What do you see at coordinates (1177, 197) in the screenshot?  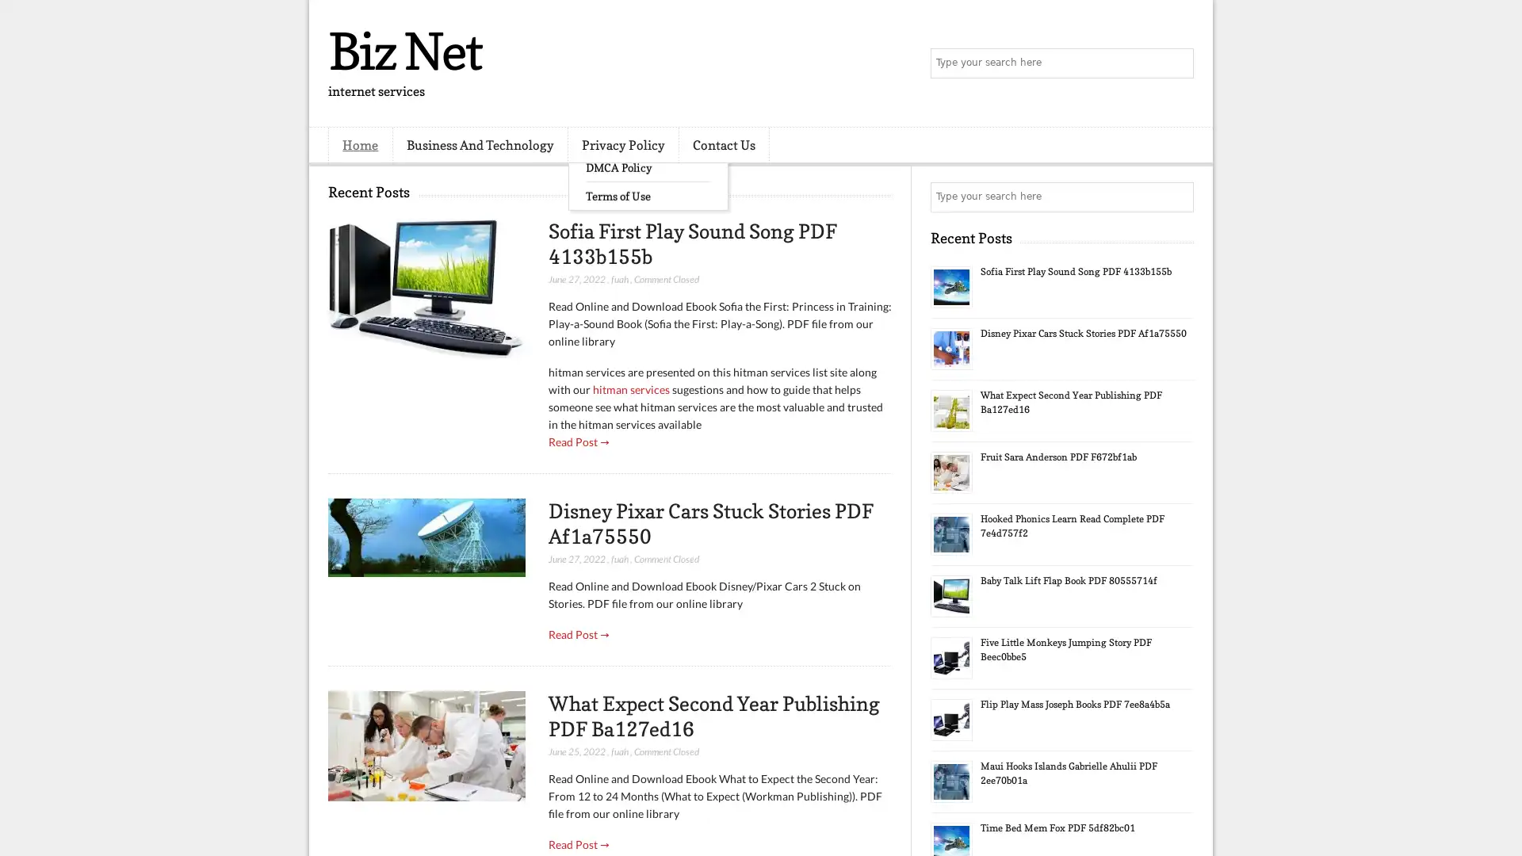 I see `Search` at bounding box center [1177, 197].